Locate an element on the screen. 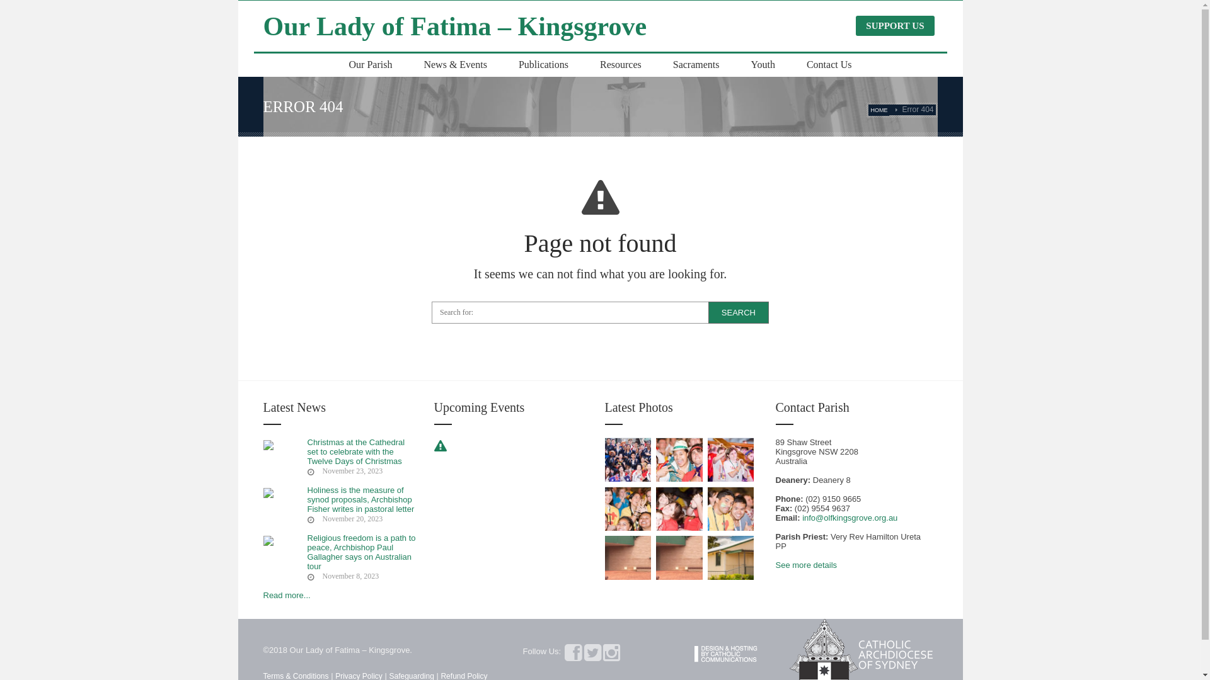  'Youth' is located at coordinates (762, 65).